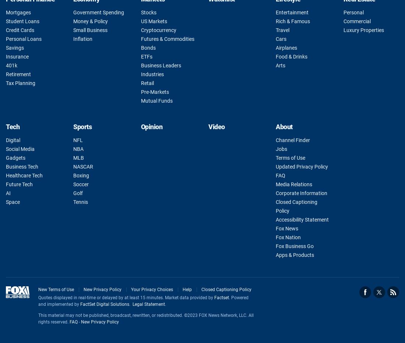 This screenshot has height=343, width=405. What do you see at coordinates (154, 91) in the screenshot?
I see `'Pre-Markets'` at bounding box center [154, 91].